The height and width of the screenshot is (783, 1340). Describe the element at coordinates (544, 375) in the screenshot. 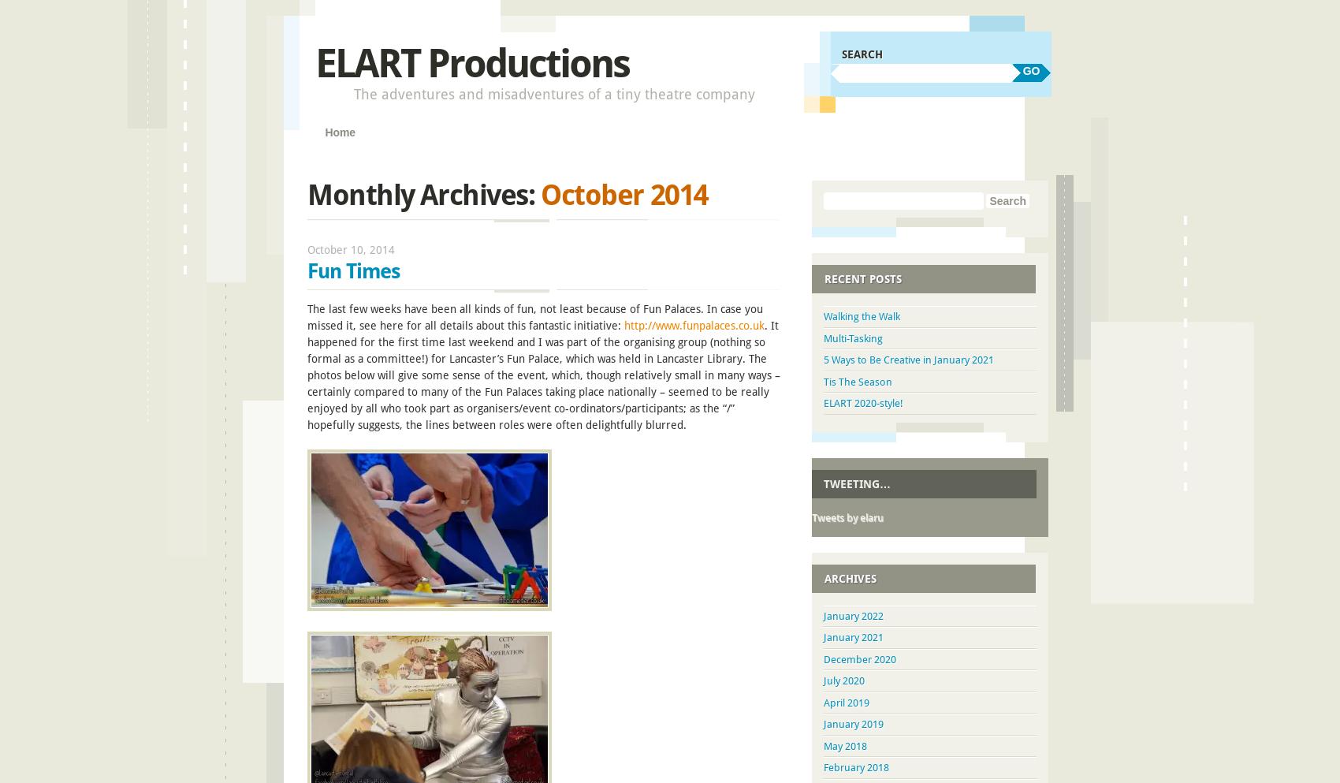

I see `'. It happened for the first time last weekend and I was part of the organising group (nothing so formal as a committee!) for Lancaster’s Fun Palace, which was held in Lancaster Library. The photos below will give some sense of the event, which, though relatively small in many ways – certainly compared to many of the Fun Palaces taking place nationally – seemed to be really enjoyed by all who took part as organisers/event co-ordinators/participants; as the “/” hopefully suggests, the lines between roles were often delightfully blurred.'` at that location.